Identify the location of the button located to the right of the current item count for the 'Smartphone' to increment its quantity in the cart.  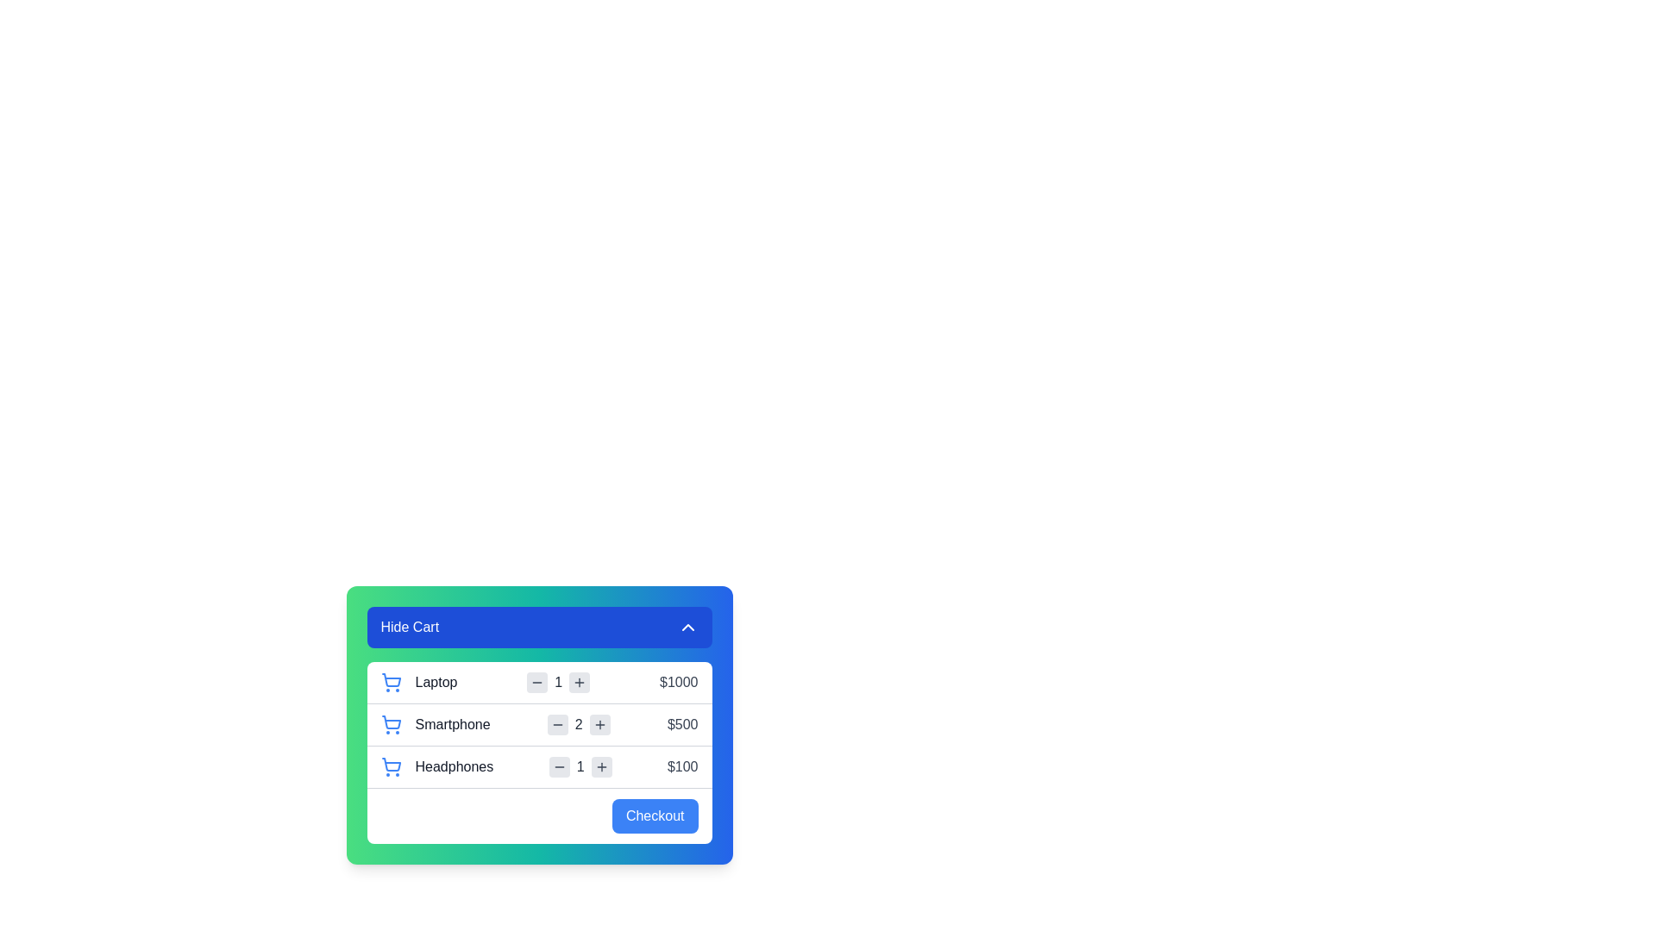
(599, 724).